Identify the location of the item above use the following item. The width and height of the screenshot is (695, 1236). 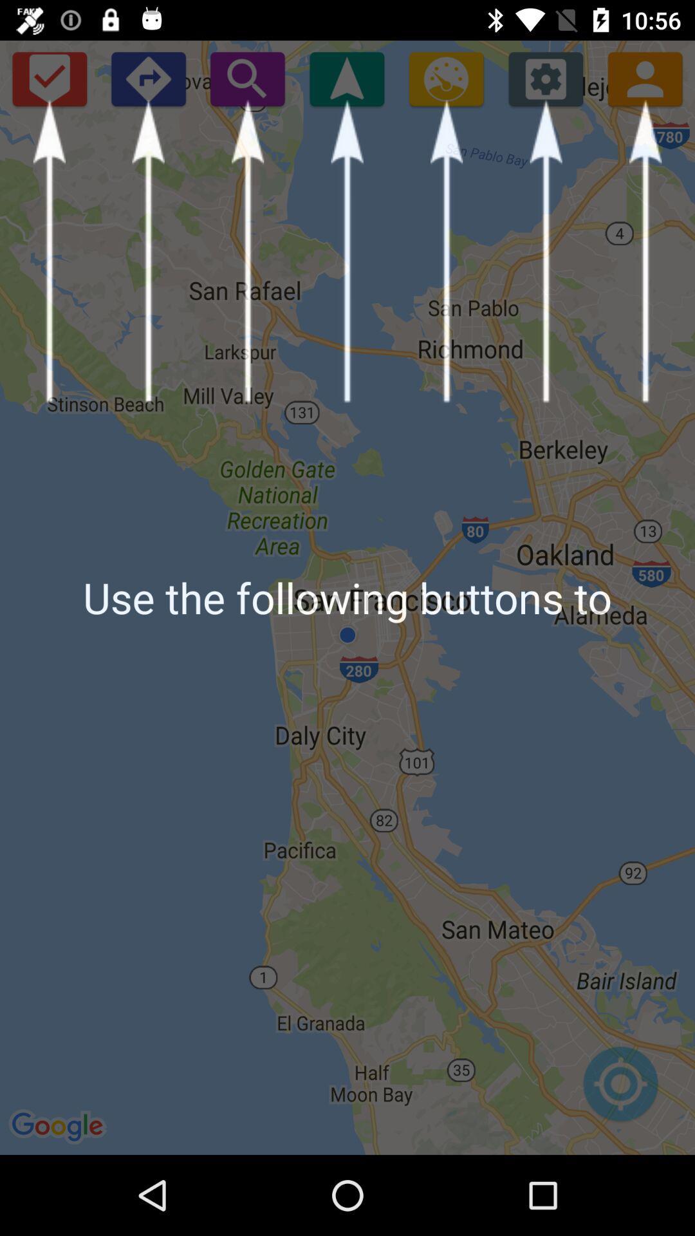
(48, 78).